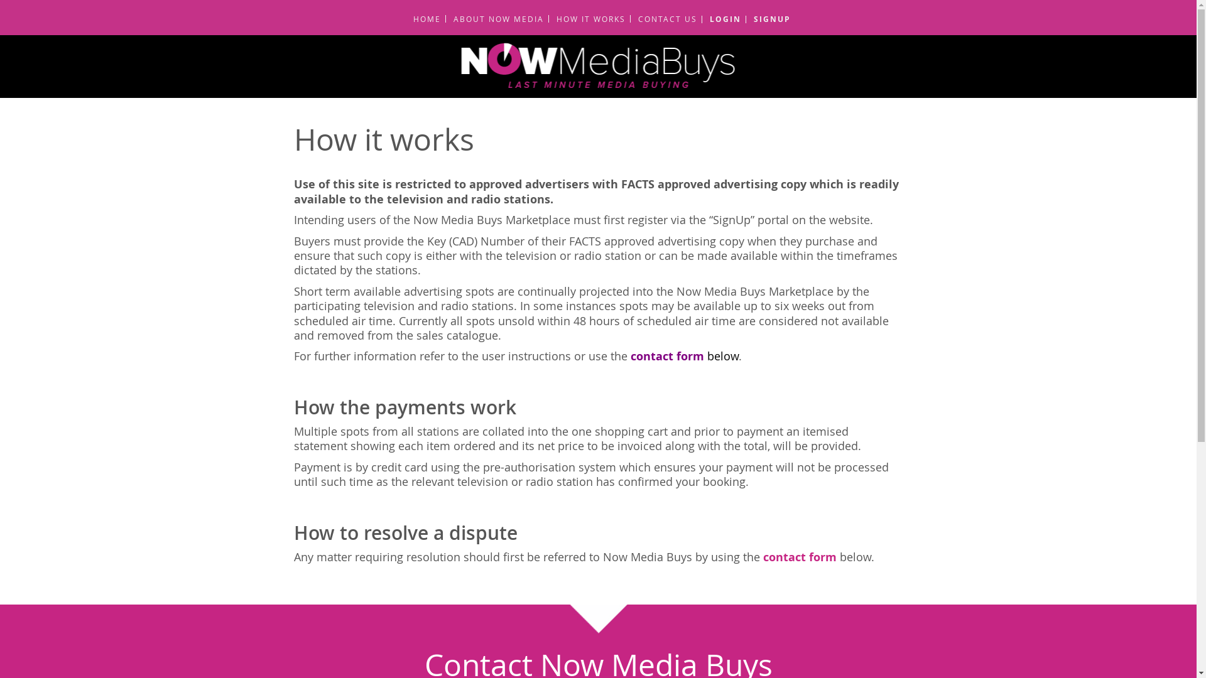 The width and height of the screenshot is (1206, 678). Describe the element at coordinates (423, 19) in the screenshot. I see `'HOME'` at that location.